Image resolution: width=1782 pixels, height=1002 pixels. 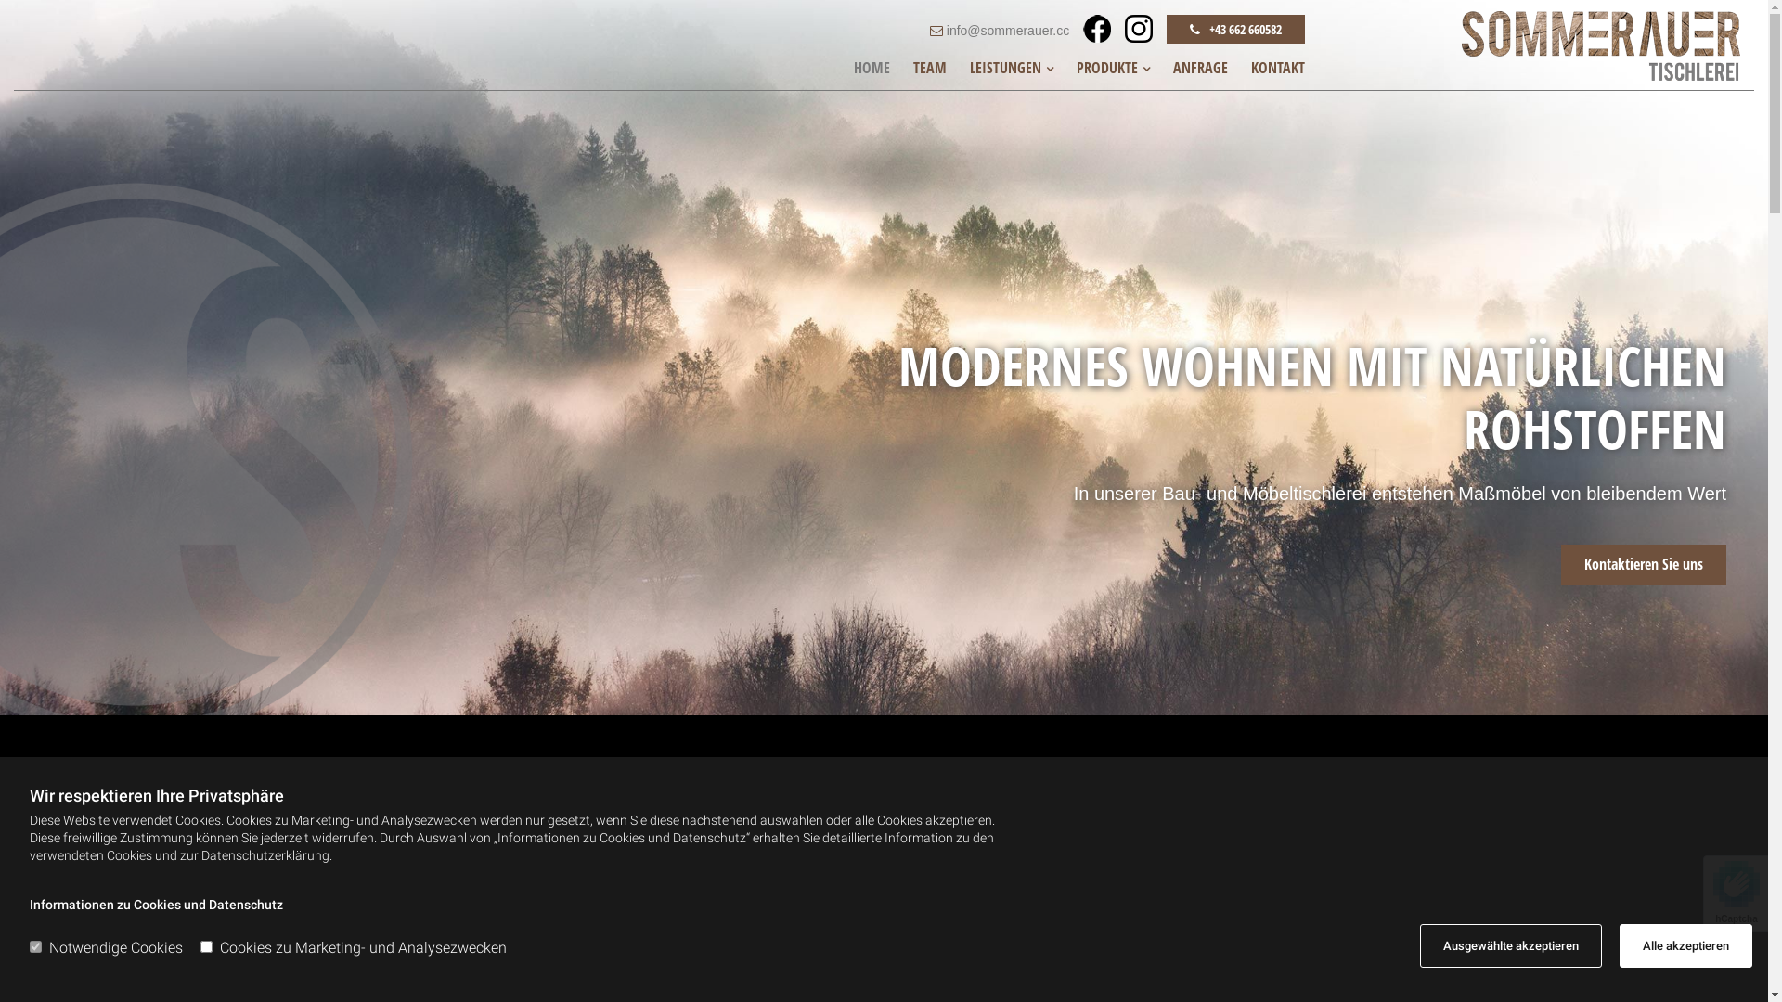 I want to click on 'HOME', so click(x=871, y=67).